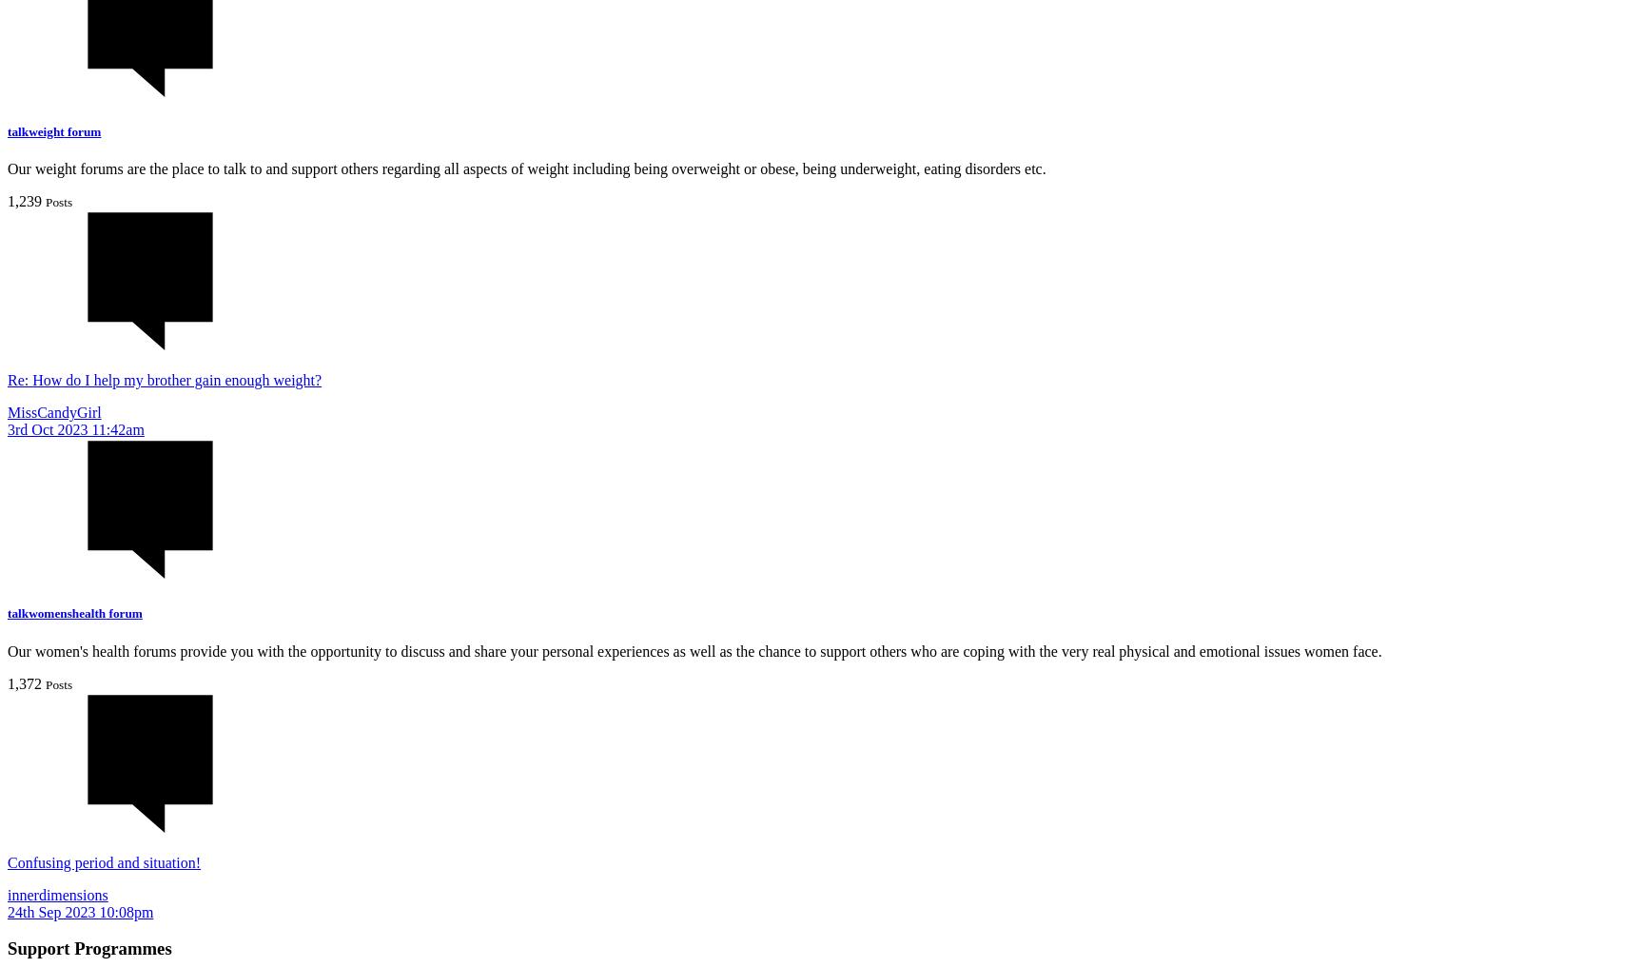 The height and width of the screenshot is (968, 1642). Describe the element at coordinates (38, 948) in the screenshot. I see `'Support'` at that location.